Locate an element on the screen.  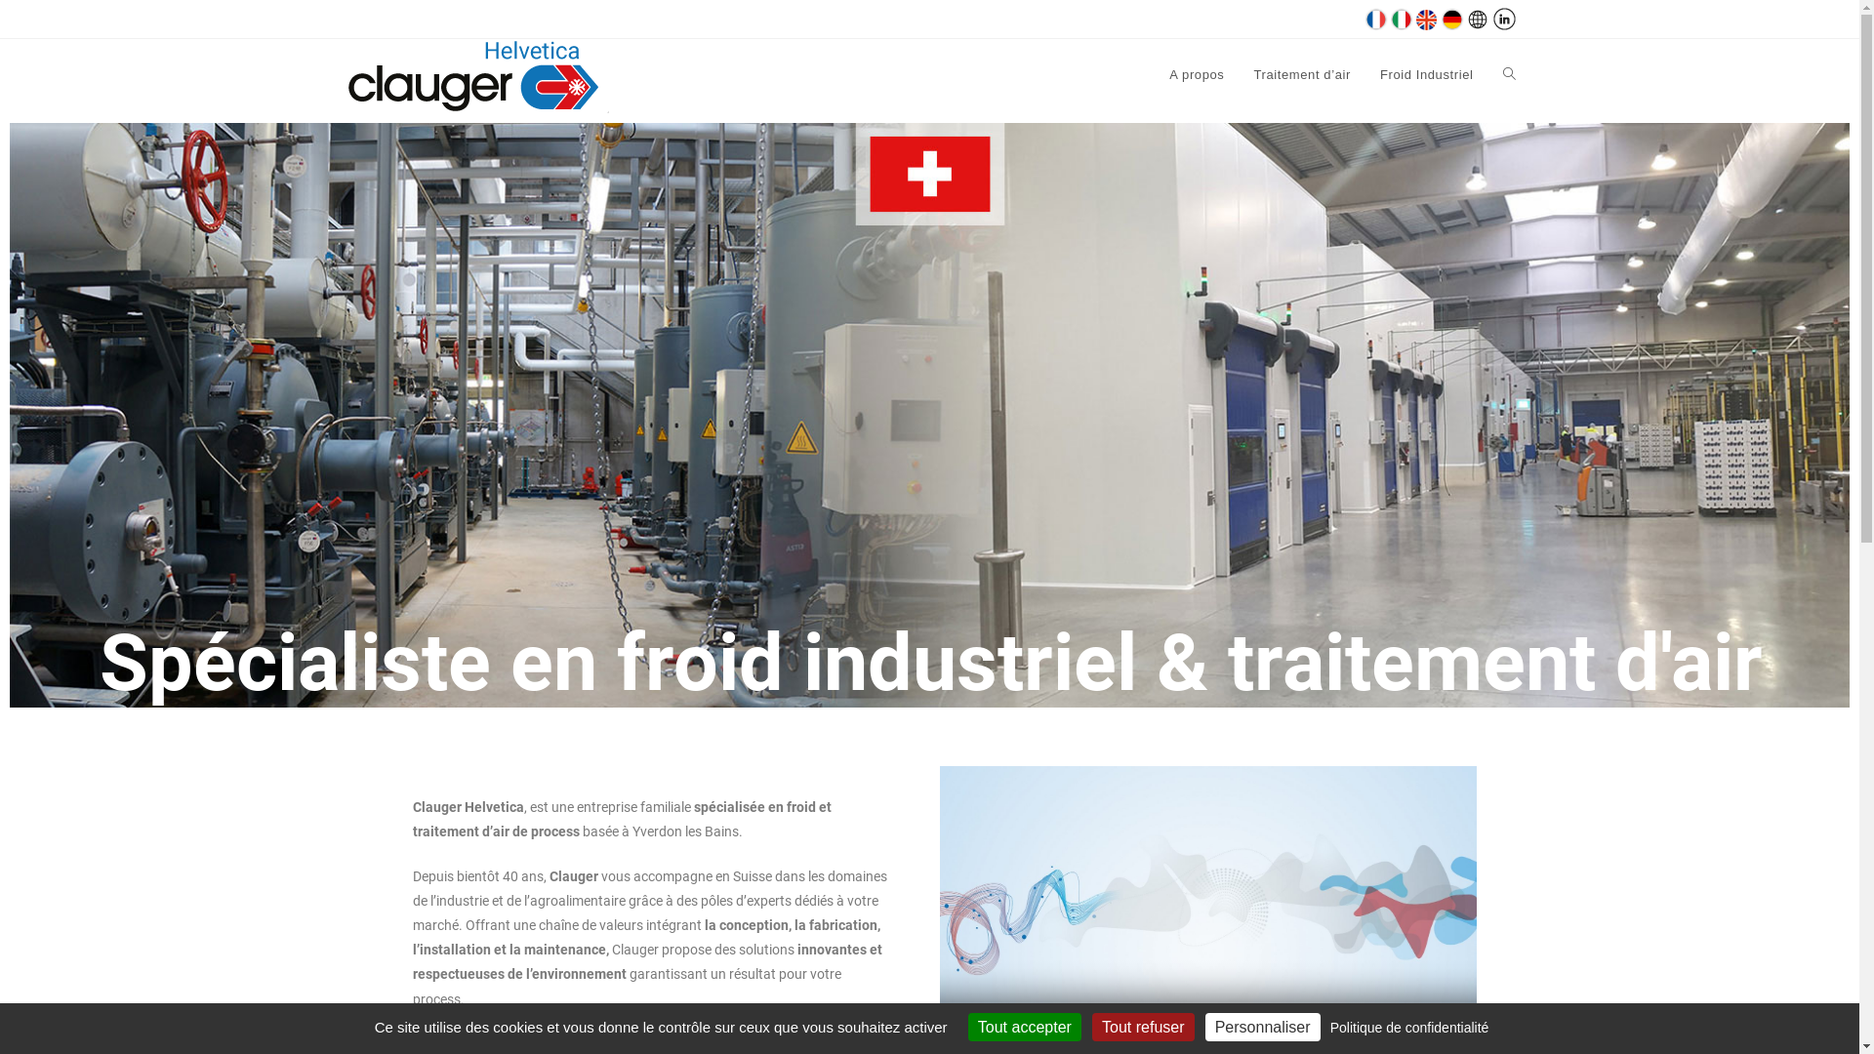
'A propos' is located at coordinates (1195, 74).